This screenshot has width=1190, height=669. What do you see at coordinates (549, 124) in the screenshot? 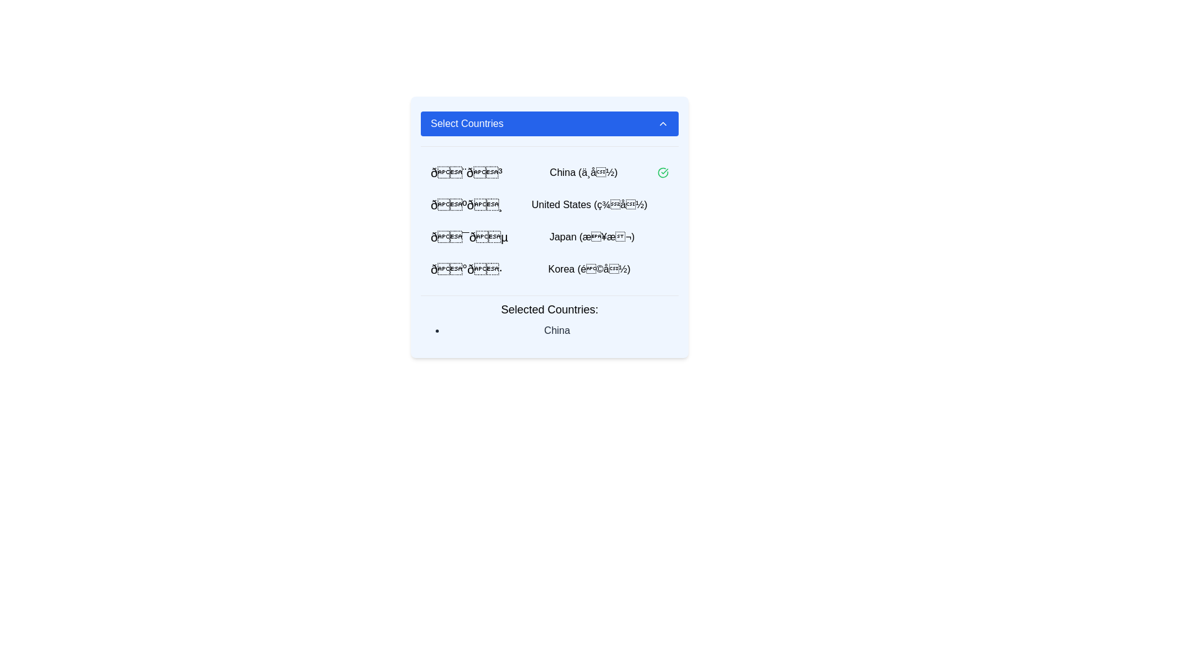
I see `the blue 'Select Countries' dropdown button` at bounding box center [549, 124].